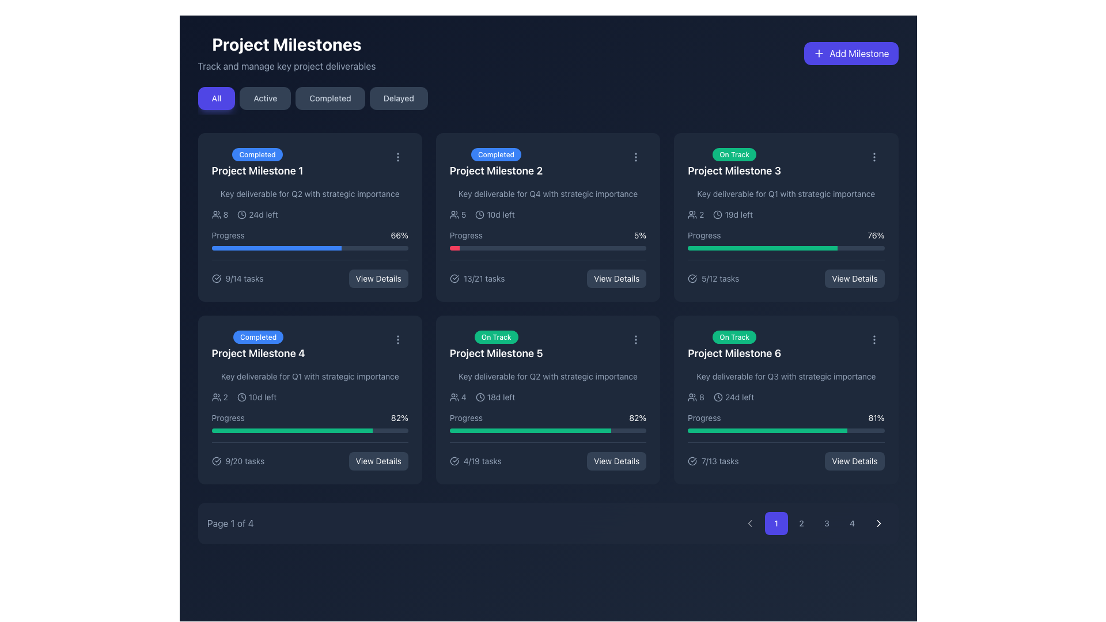 Image resolution: width=1106 pixels, height=622 pixels. Describe the element at coordinates (310, 162) in the screenshot. I see `the 'Completed' status badge with the title 'Project Milestone 1' in the top-left card of the grid layout` at that location.